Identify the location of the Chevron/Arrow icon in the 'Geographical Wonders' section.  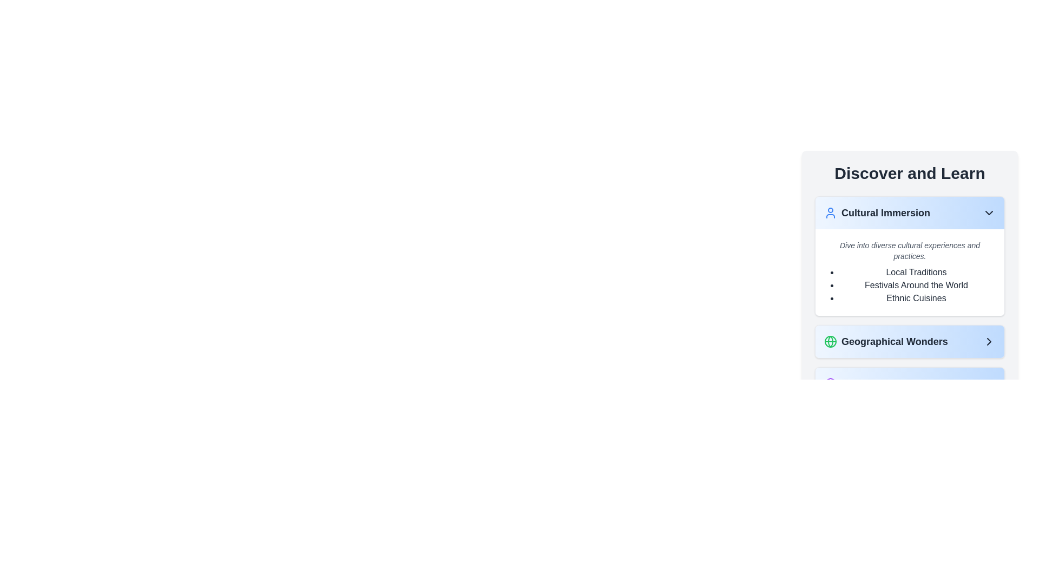
(989, 342).